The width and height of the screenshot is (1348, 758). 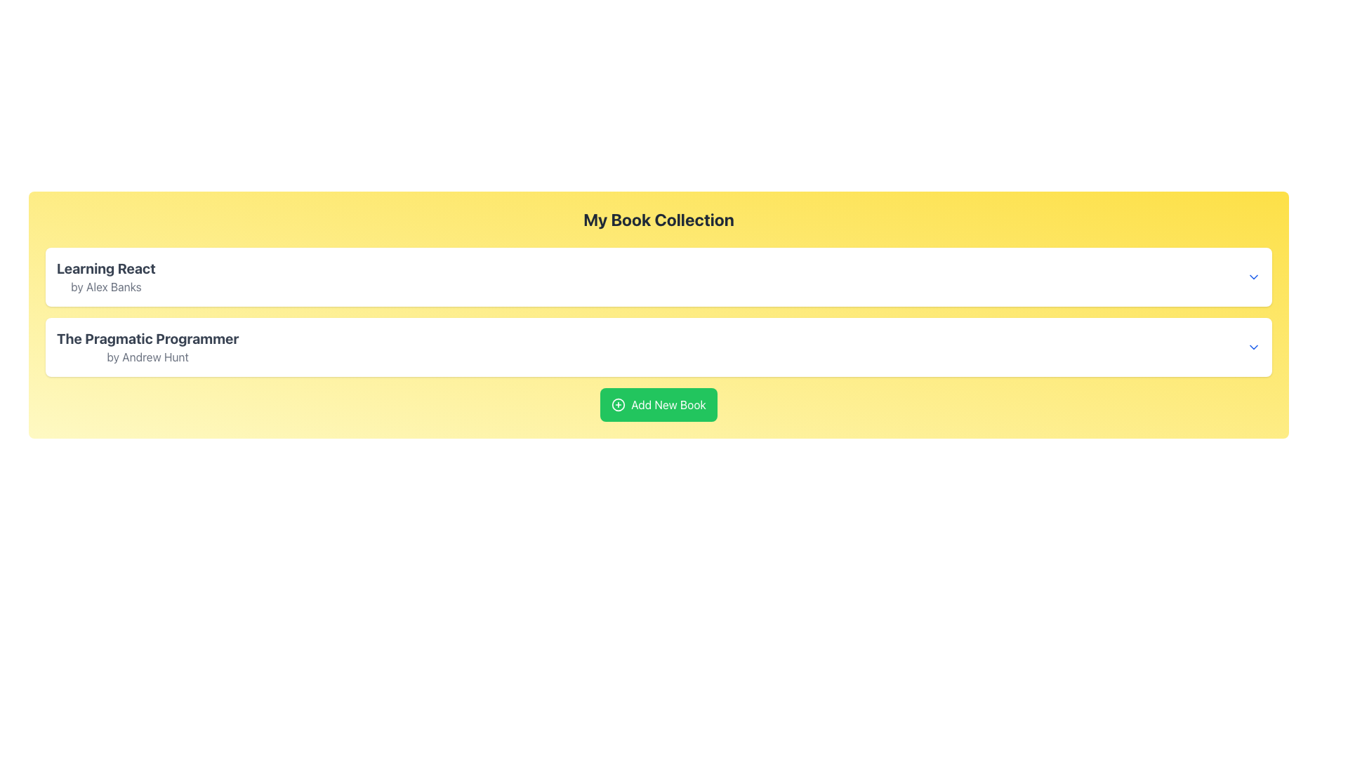 I want to click on the non-interactive Text label providing attribution information about the author of the book, located beneath the title 'The Pragmatic Programmer' within the 'My Book Collection' section, so click(x=147, y=357).